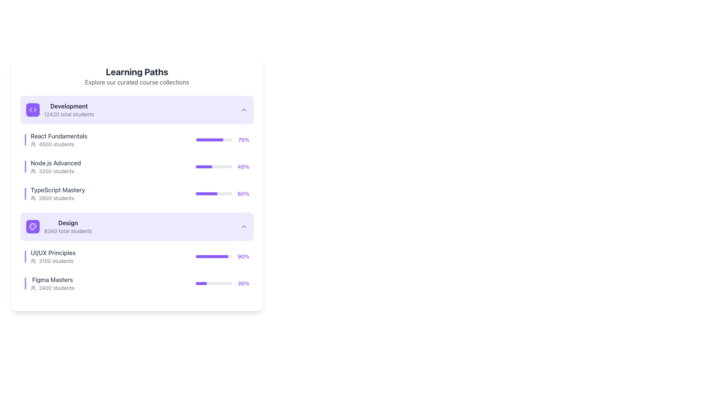  I want to click on the hyperlink titled 'Node.js Advanced' located in the 'Development' section of the 'Learning Paths' interface, so click(55, 162).